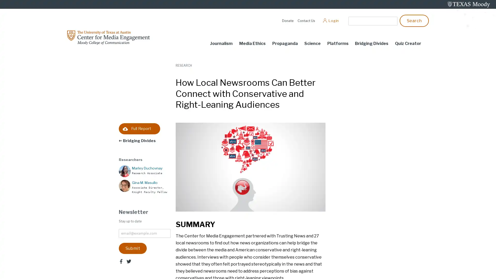 The height and width of the screenshot is (279, 496). Describe the element at coordinates (133, 248) in the screenshot. I see `Submit` at that location.